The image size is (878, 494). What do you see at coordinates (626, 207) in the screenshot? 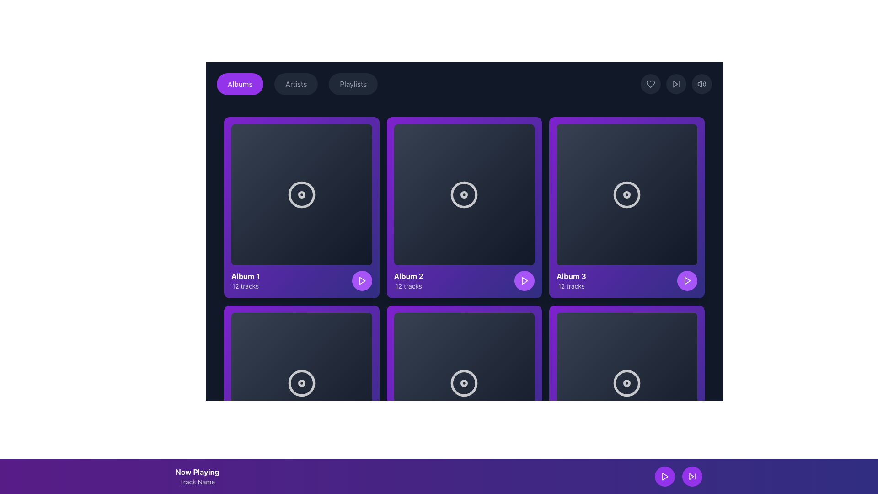
I see `the album card titled 'Album 3'` at bounding box center [626, 207].